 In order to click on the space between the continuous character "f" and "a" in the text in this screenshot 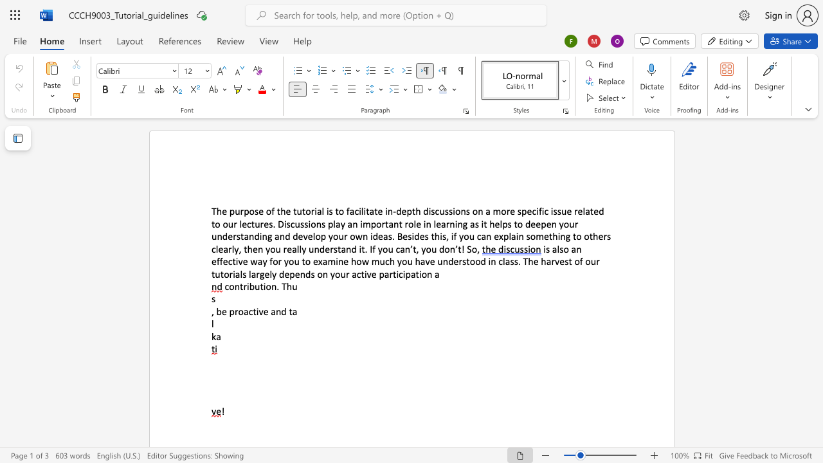, I will do `click(350, 210)`.